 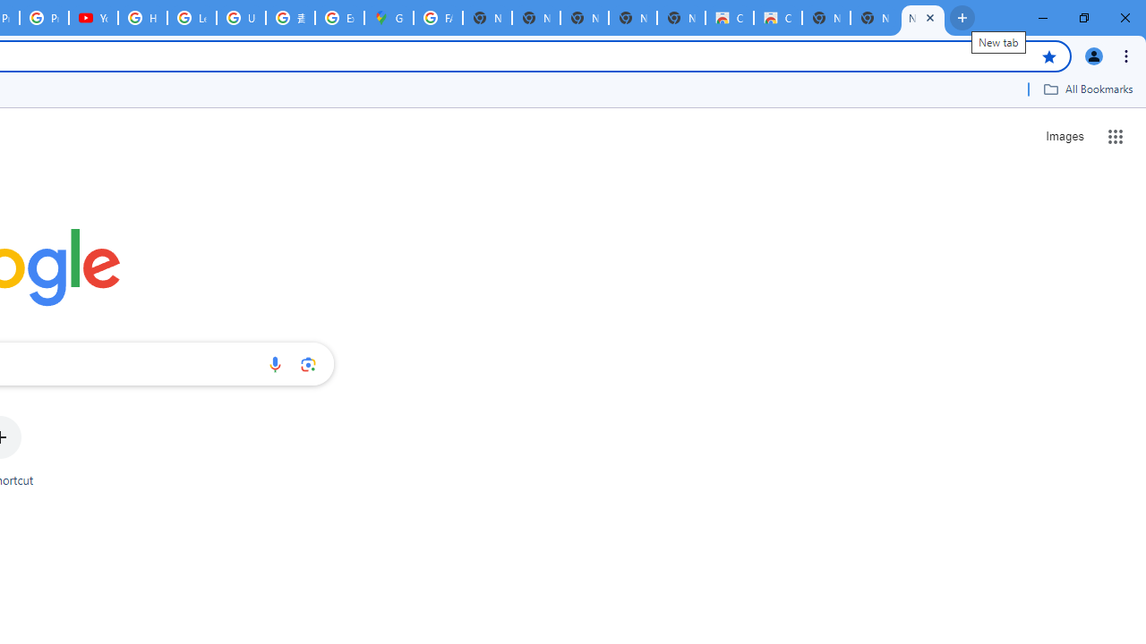 What do you see at coordinates (44, 18) in the screenshot?
I see `'Privacy Checkup'` at bounding box center [44, 18].